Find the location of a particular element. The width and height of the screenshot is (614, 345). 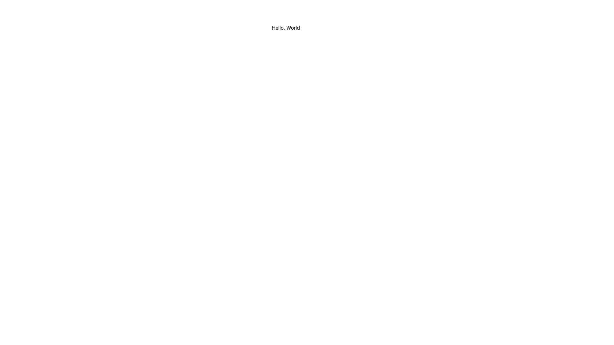

the text label that conveys a greeting or placeholder text, positioned near the top of its white background panel is located at coordinates (285, 27).